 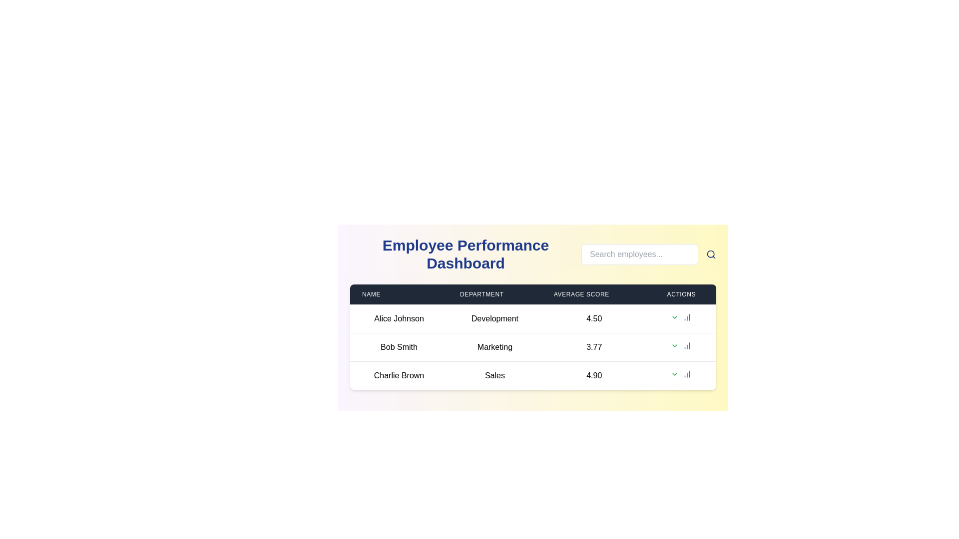 I want to click on the third table row containing 'Charlie Brown', 'Sales', and '4.90', so click(x=532, y=375).